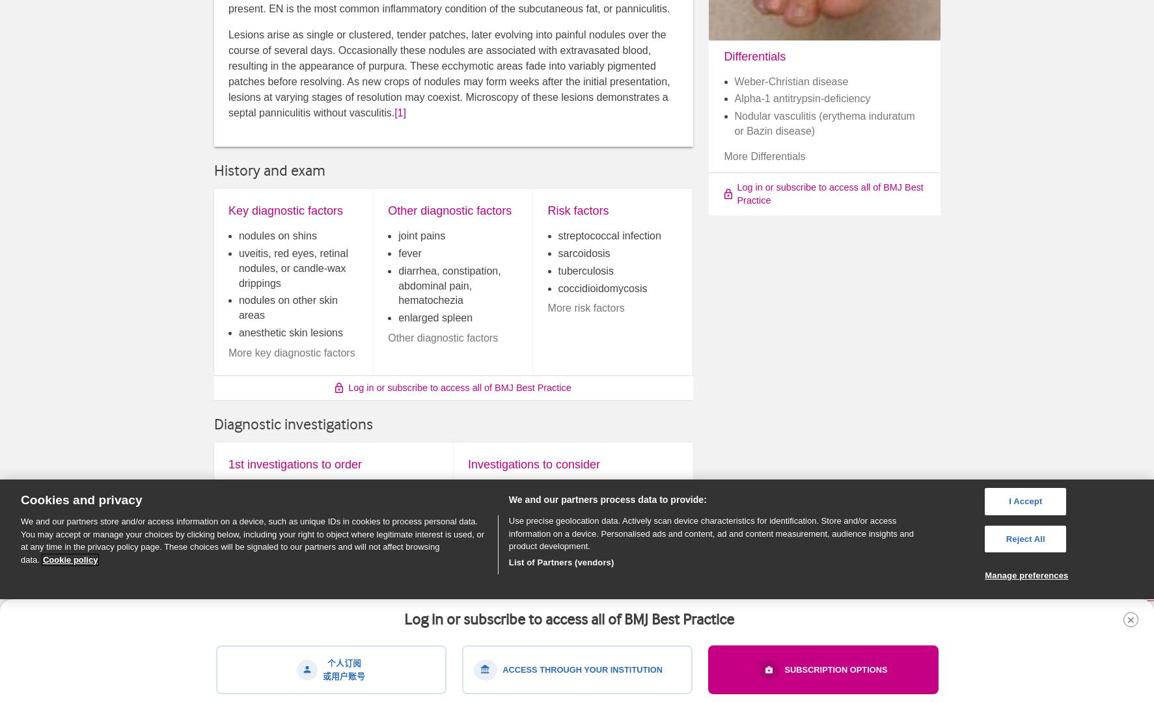 Image resolution: width=1154 pixels, height=702 pixels. What do you see at coordinates (583, 252) in the screenshot?
I see `'sarcoidosis'` at bounding box center [583, 252].